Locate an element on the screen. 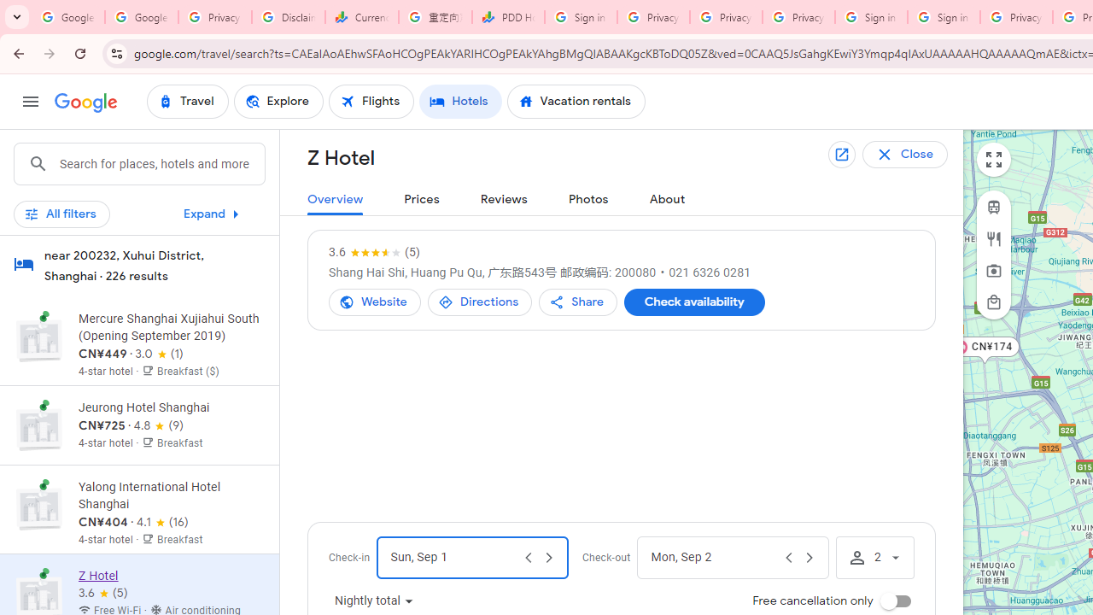  'Price displayedNightly total' is located at coordinates (374, 600).